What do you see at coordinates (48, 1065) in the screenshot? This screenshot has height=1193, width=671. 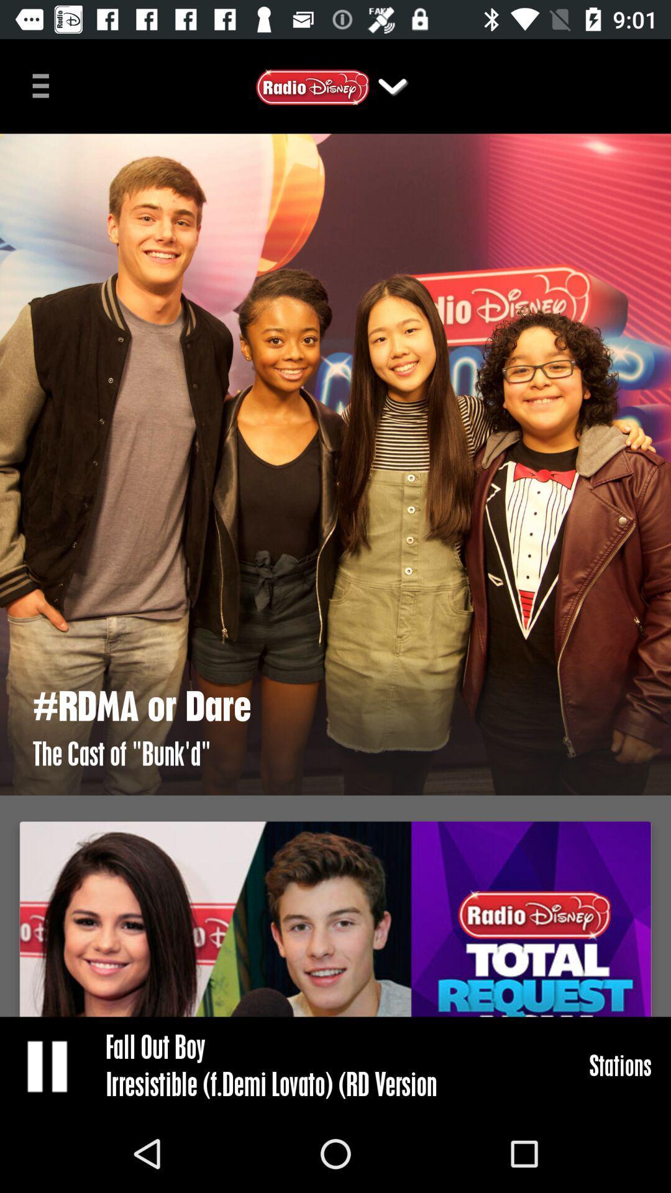 I see `the item at the bottom left corner` at bounding box center [48, 1065].